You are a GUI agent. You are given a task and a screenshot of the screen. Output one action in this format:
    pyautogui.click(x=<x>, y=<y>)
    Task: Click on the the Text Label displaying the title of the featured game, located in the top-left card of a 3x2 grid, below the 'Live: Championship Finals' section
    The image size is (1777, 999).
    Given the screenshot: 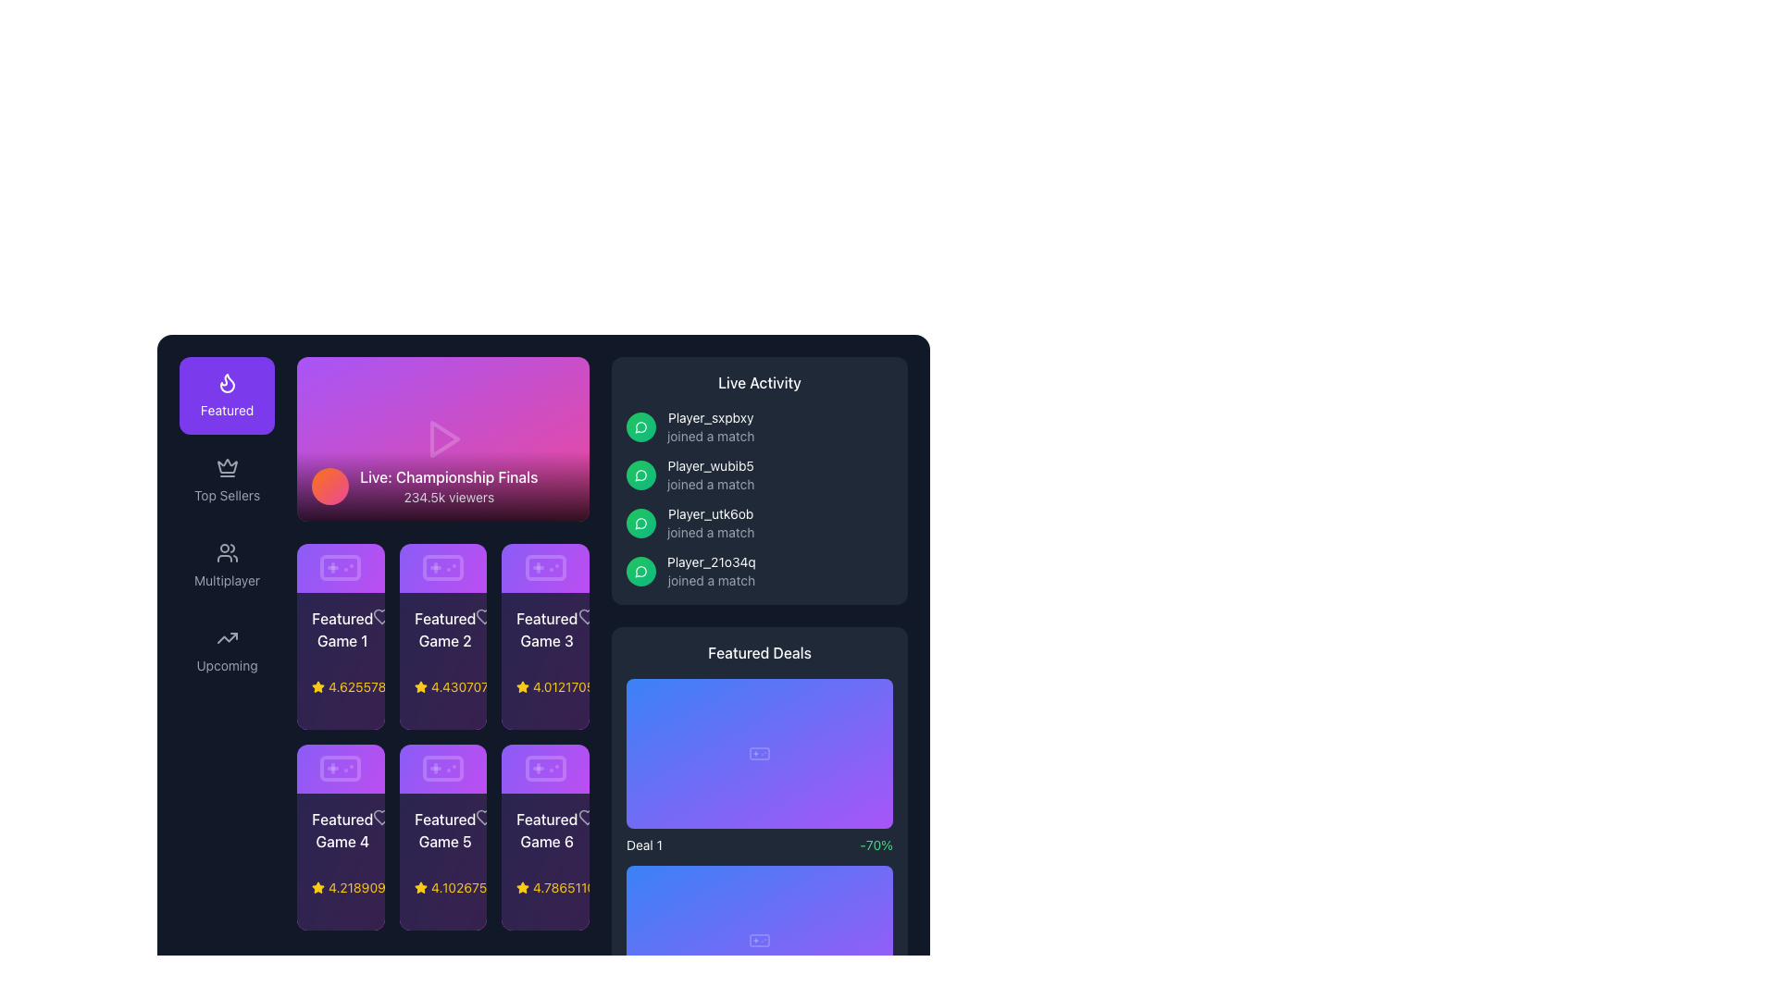 What is the action you would take?
    pyautogui.click(x=342, y=628)
    